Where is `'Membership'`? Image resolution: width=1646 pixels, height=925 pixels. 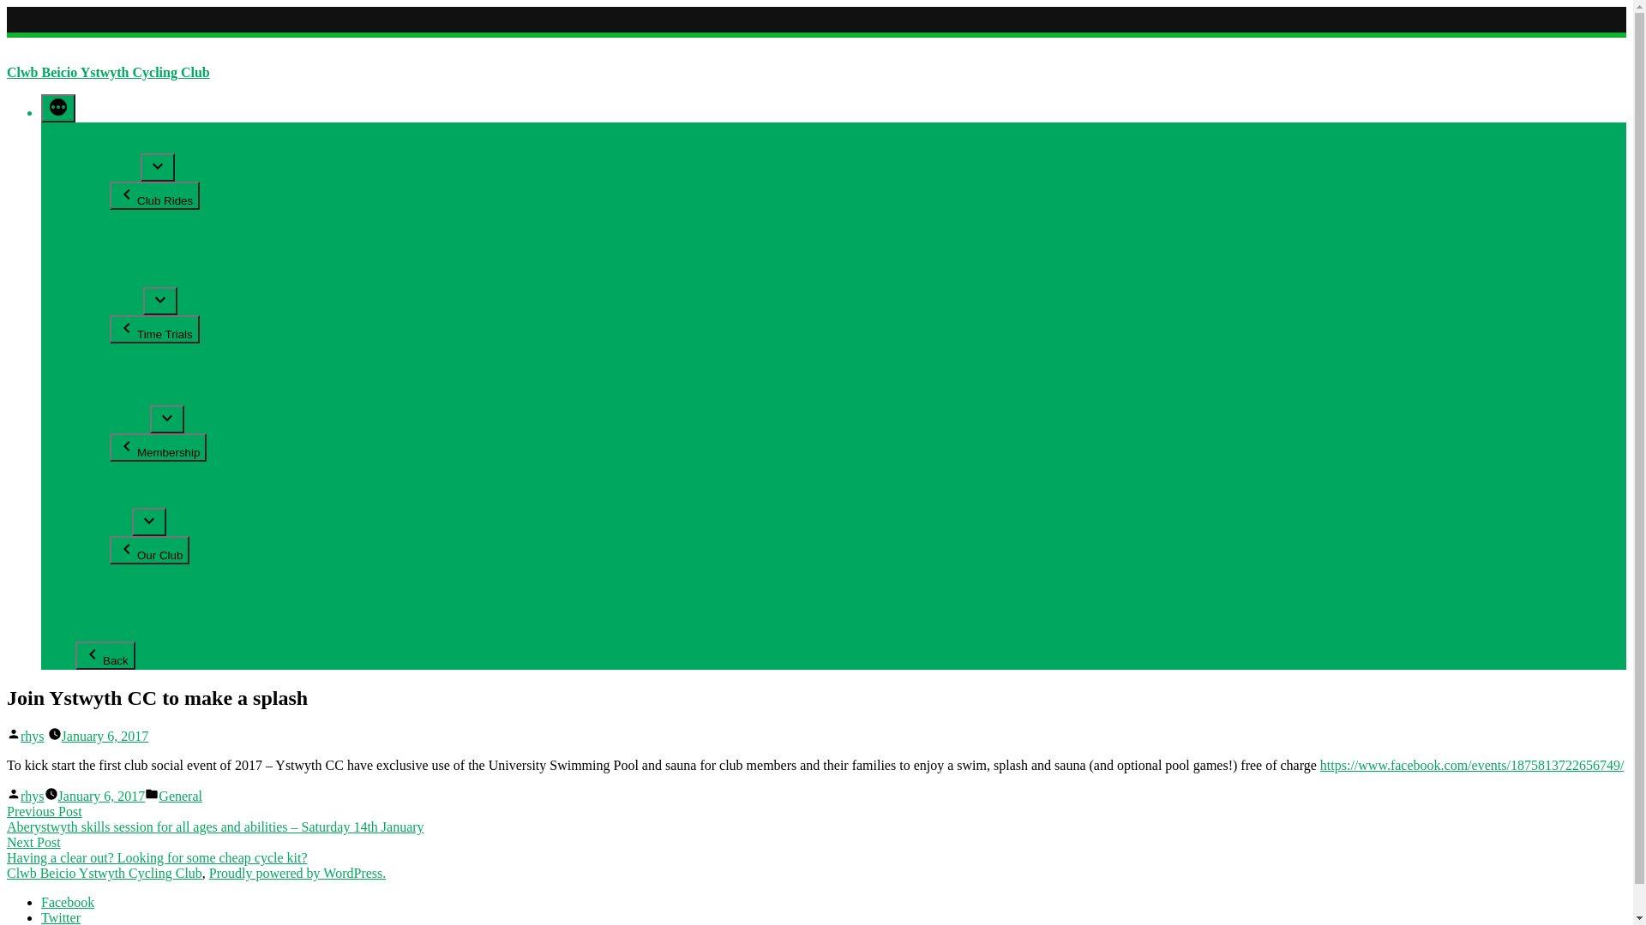
'Membership' is located at coordinates (158, 446).